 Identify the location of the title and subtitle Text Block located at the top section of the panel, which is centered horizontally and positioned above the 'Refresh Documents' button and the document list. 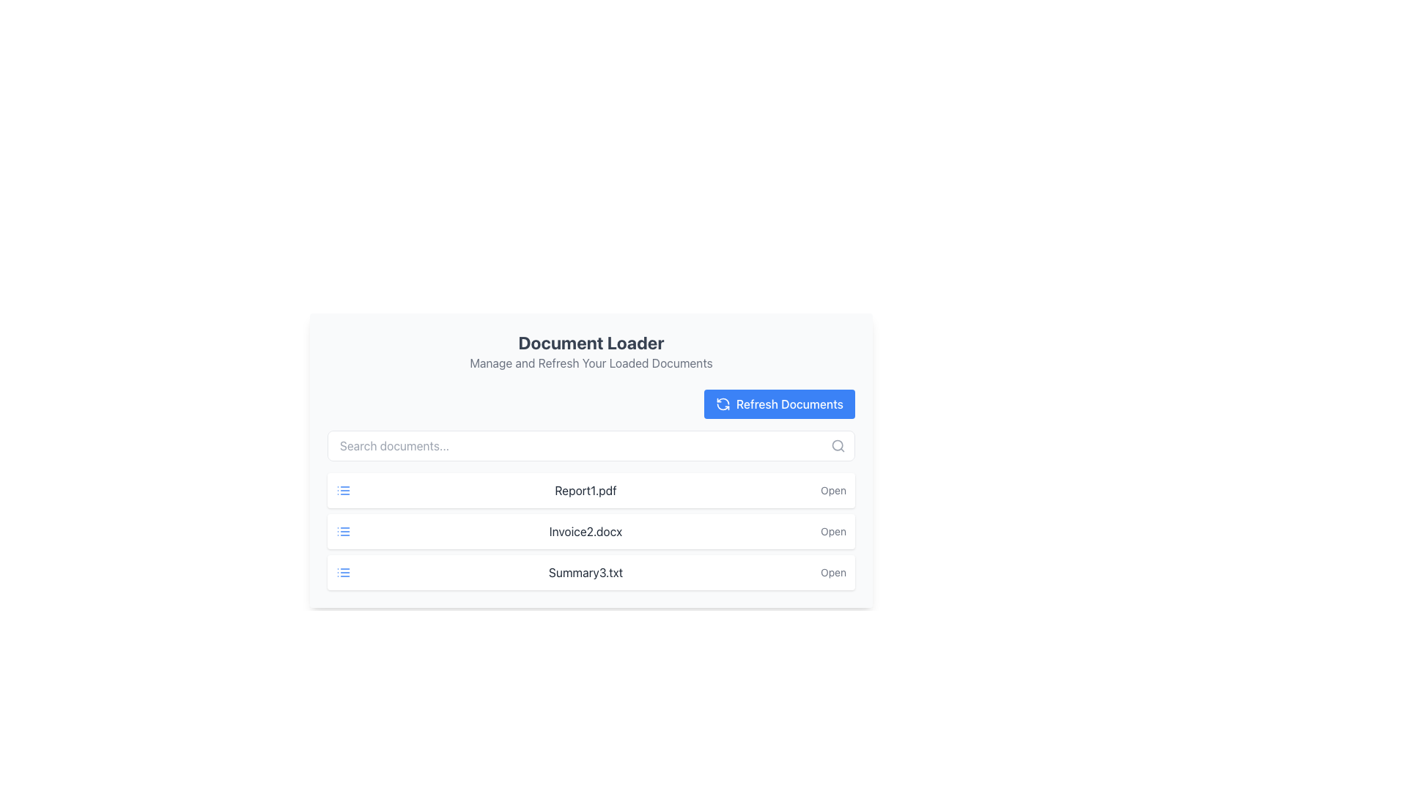
(591, 351).